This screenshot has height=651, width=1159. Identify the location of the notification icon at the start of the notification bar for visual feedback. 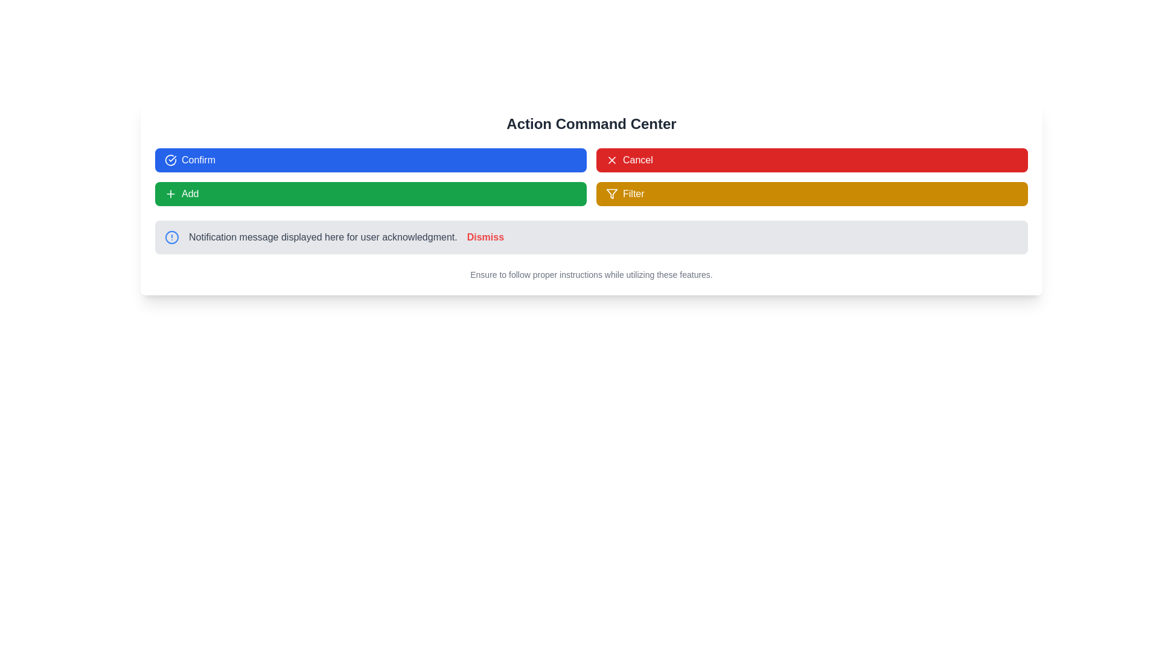
(171, 237).